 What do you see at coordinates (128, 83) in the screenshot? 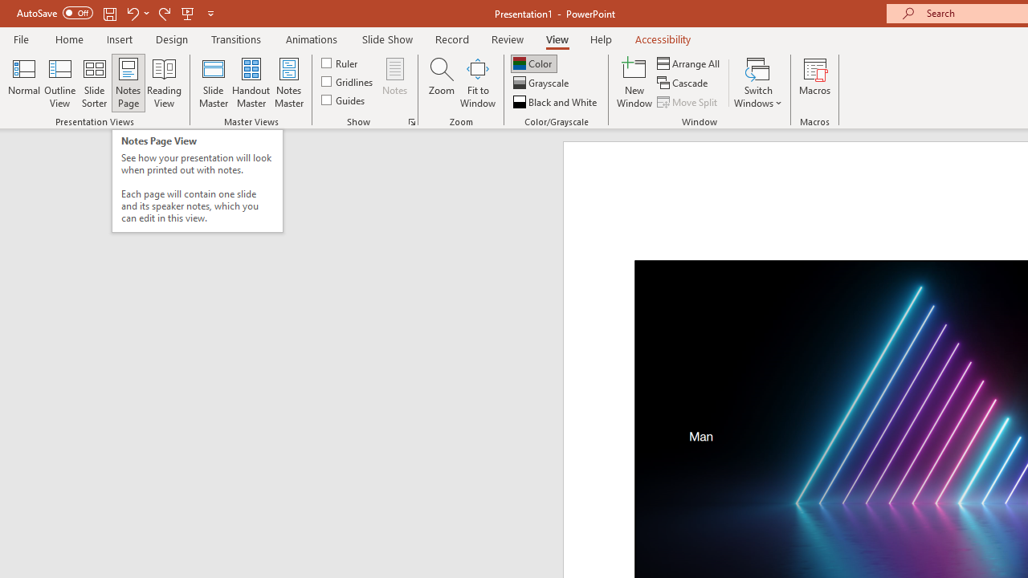
I see `'Notes Page'` at bounding box center [128, 83].